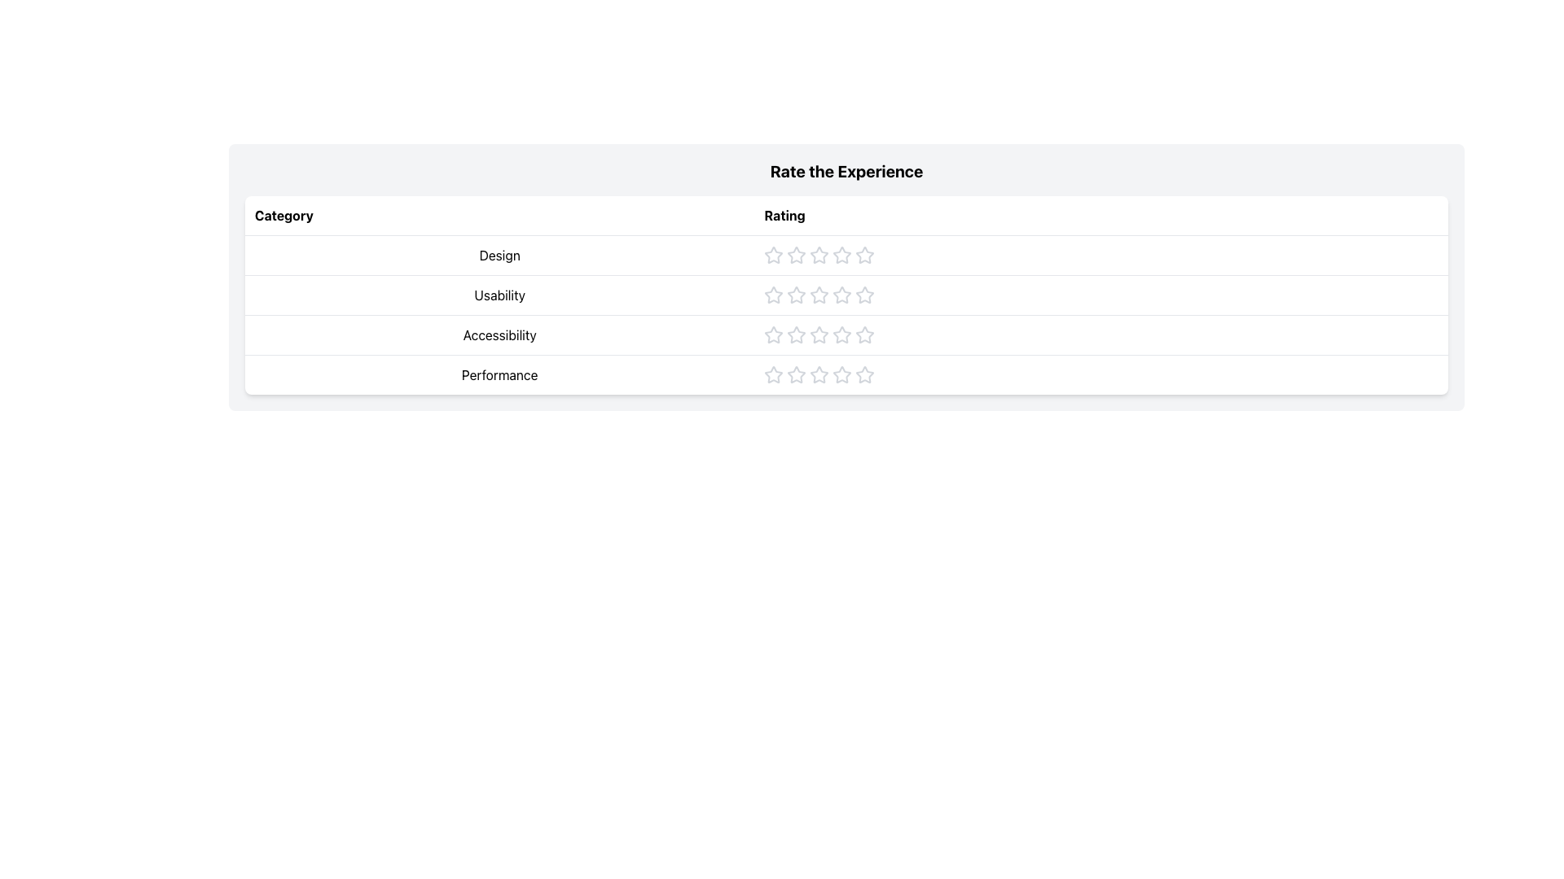  What do you see at coordinates (773, 255) in the screenshot?
I see `the first hollow star icon in the 'Design' rating row to trigger interaction effects` at bounding box center [773, 255].